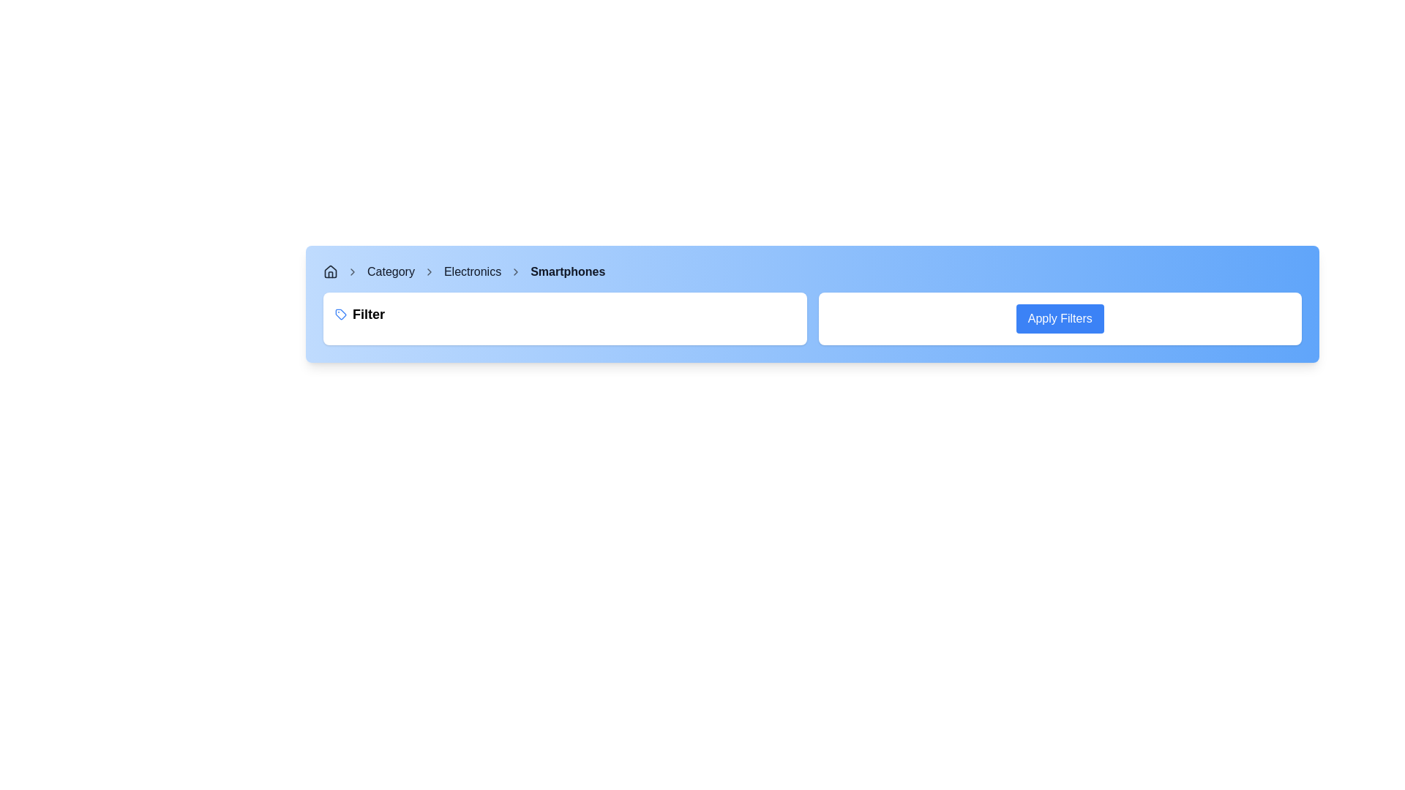 The width and height of the screenshot is (1405, 790). What do you see at coordinates (428, 271) in the screenshot?
I see `the rightward chevron icon in the breadcrumb navigation bar, which is styled with a gray color scheme and is positioned between the 'Category' and 'Electronics' text` at bounding box center [428, 271].